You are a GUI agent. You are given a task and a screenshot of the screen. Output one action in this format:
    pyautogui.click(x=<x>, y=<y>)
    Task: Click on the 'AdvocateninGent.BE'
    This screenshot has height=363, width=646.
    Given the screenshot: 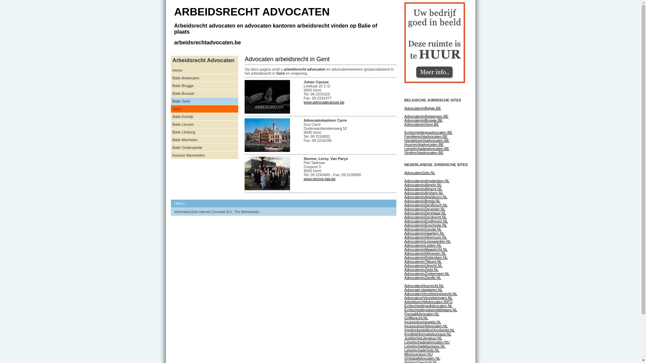 What is the action you would take?
    pyautogui.click(x=421, y=124)
    